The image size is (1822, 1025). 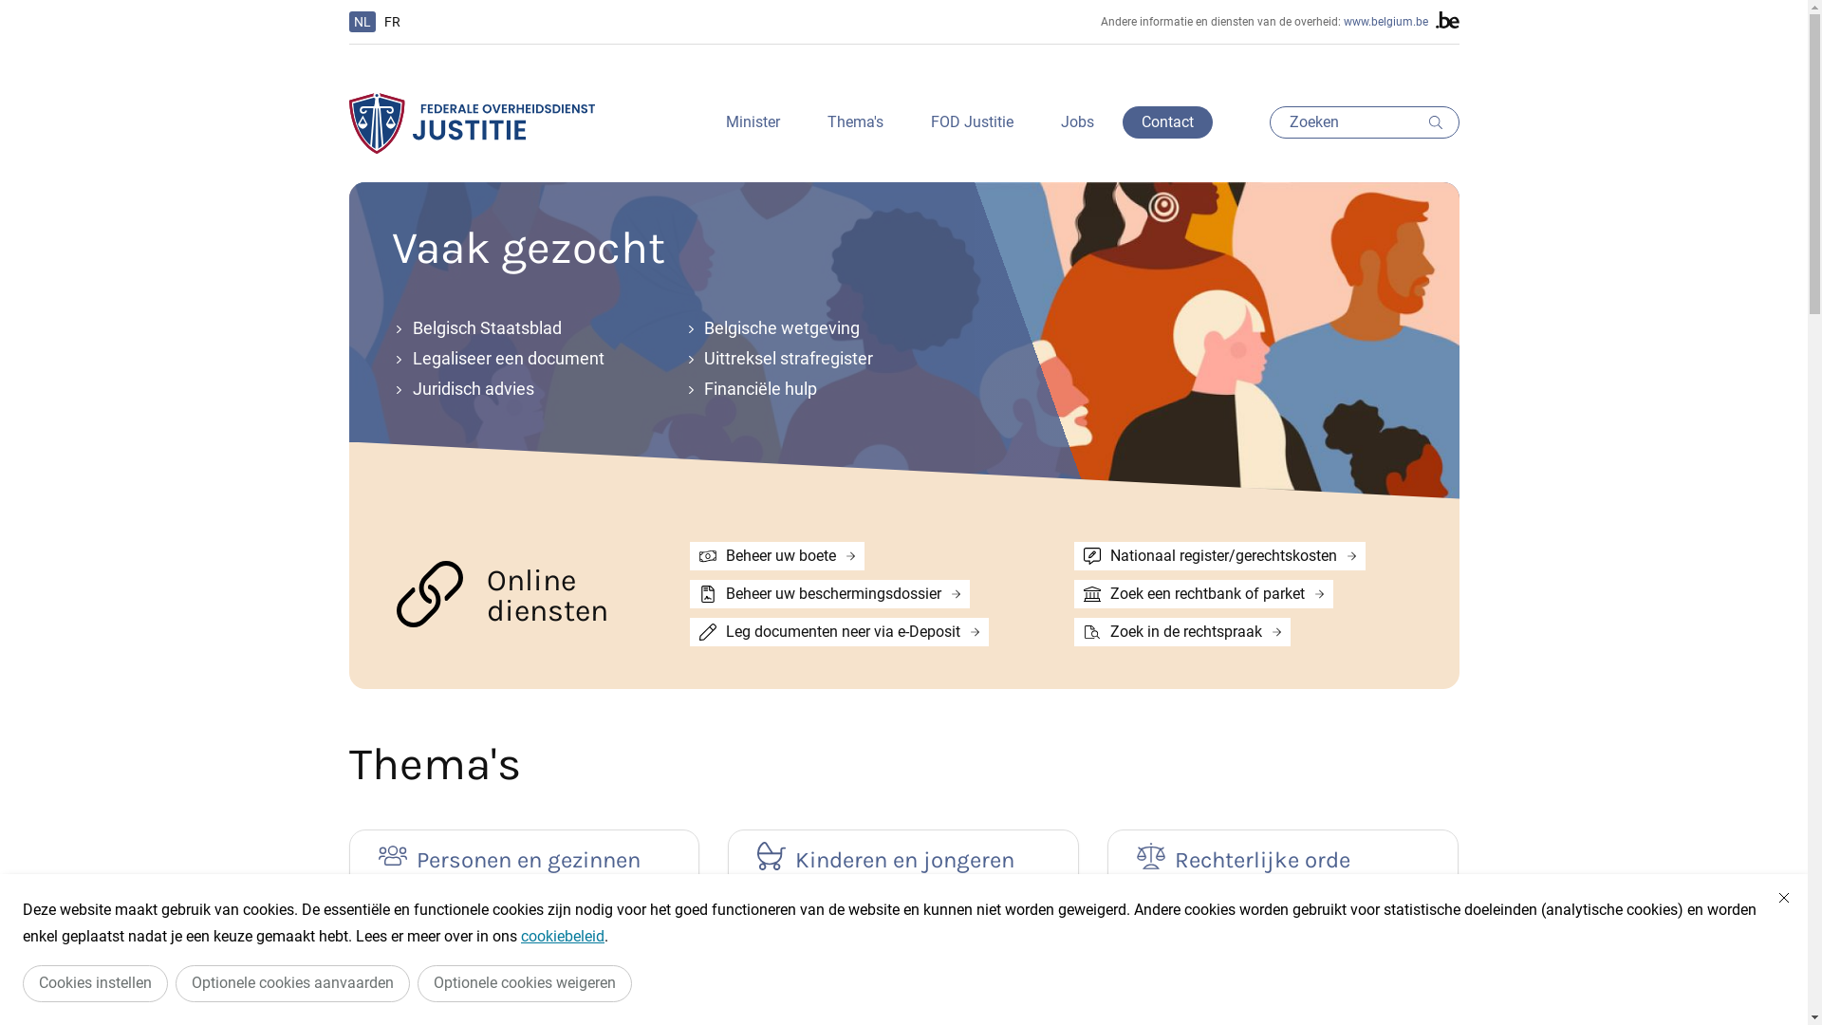 What do you see at coordinates (807, 327) in the screenshot?
I see `'Belgische wetgeving'` at bounding box center [807, 327].